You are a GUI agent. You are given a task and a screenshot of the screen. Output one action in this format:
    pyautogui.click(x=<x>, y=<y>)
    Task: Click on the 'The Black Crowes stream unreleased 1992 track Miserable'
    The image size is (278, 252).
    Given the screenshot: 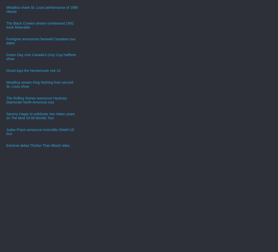 What is the action you would take?
    pyautogui.click(x=6, y=25)
    